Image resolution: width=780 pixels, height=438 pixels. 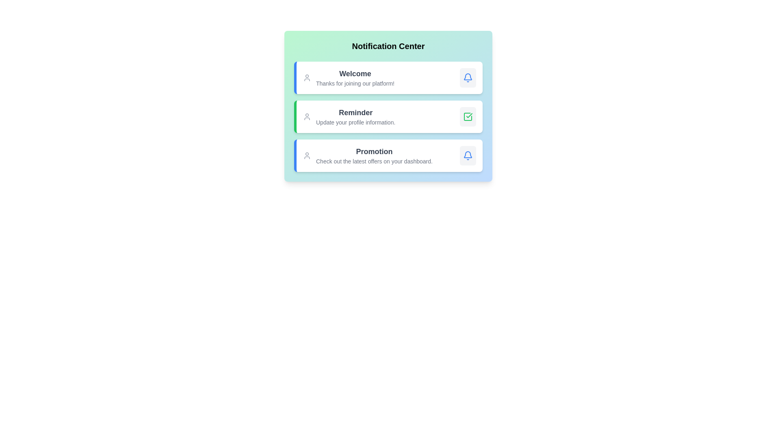 What do you see at coordinates (306, 78) in the screenshot?
I see `the user avatar icon associated with Welcome notification` at bounding box center [306, 78].